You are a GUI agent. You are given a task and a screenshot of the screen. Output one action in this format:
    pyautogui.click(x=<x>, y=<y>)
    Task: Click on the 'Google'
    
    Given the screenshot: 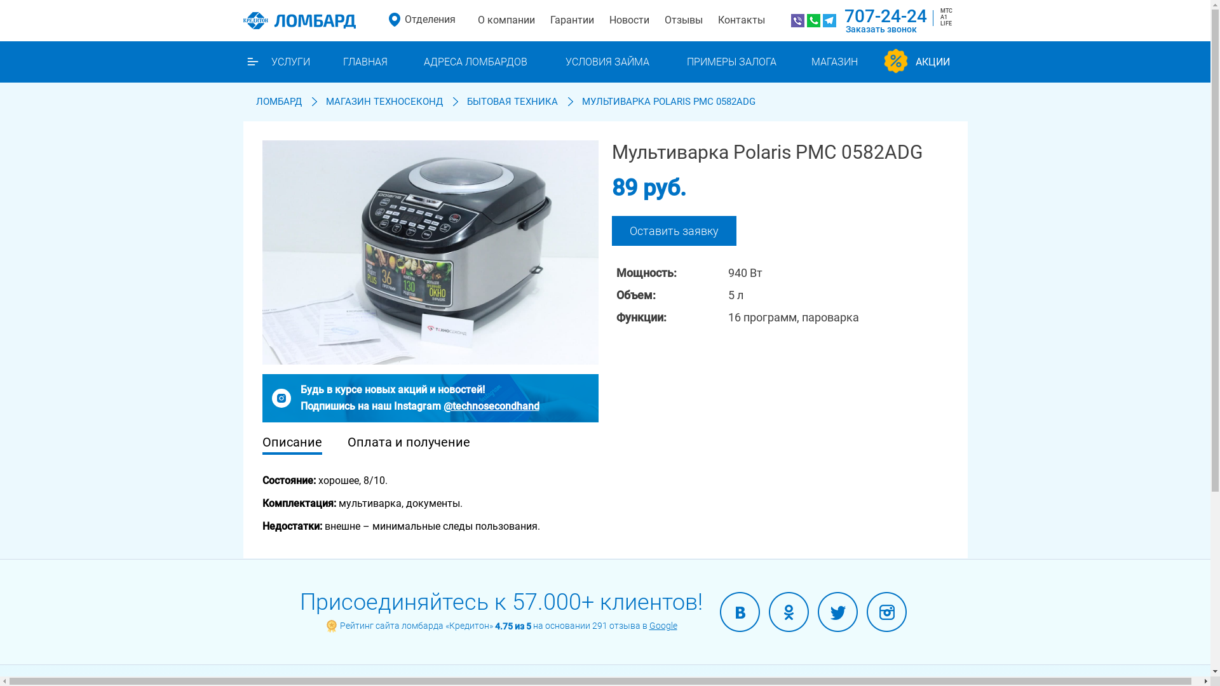 What is the action you would take?
    pyautogui.click(x=662, y=624)
    